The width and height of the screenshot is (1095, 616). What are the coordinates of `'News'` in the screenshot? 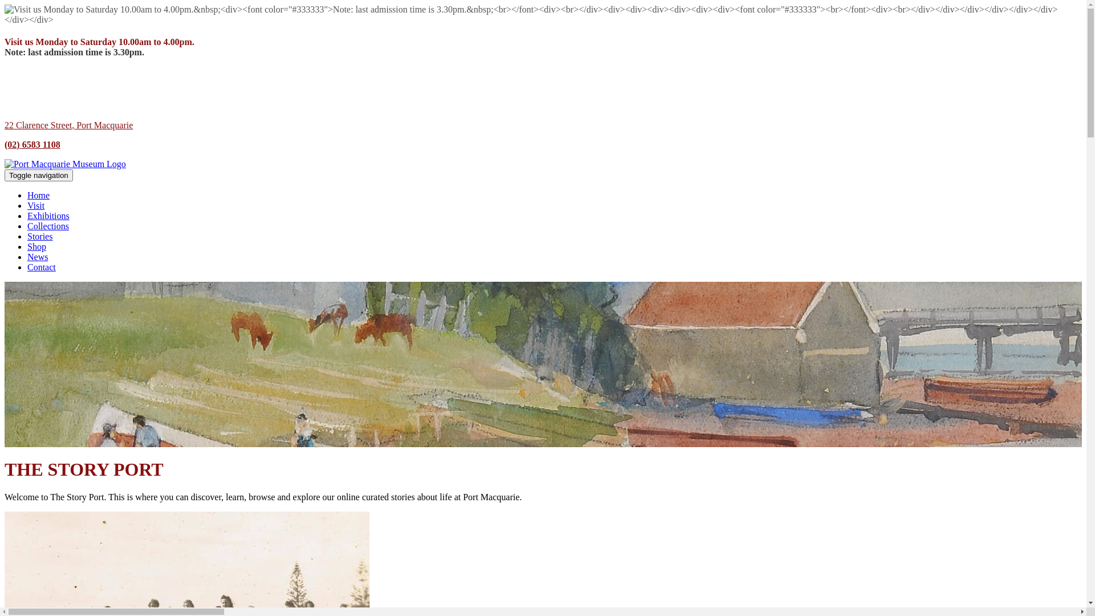 It's located at (38, 257).